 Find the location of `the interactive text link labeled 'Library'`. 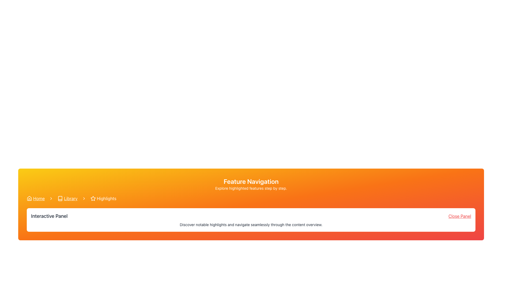

the interactive text link labeled 'Library' is located at coordinates (70, 198).